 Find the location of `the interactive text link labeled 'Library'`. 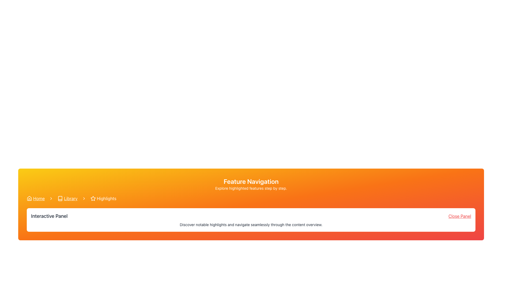

the interactive text link labeled 'Library' is located at coordinates (70, 198).